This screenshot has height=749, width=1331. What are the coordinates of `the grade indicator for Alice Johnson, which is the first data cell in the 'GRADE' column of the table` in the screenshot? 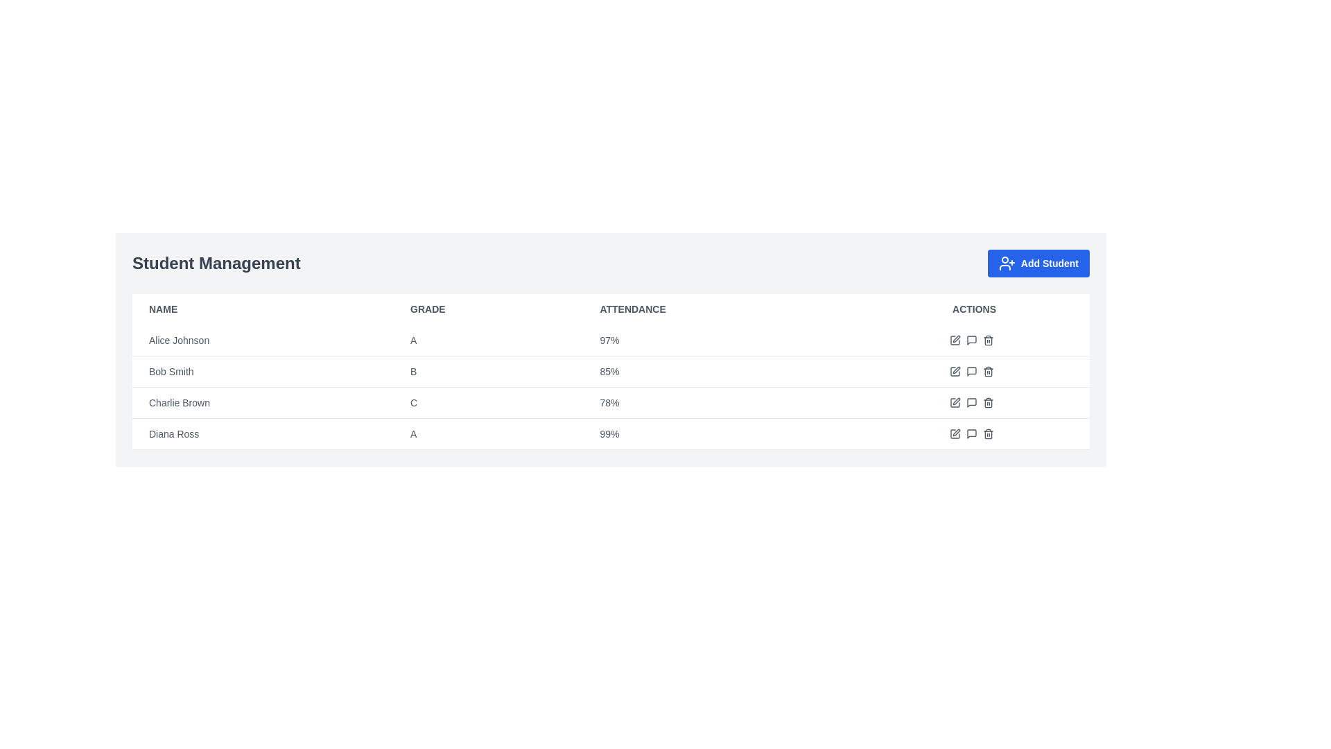 It's located at (488, 341).